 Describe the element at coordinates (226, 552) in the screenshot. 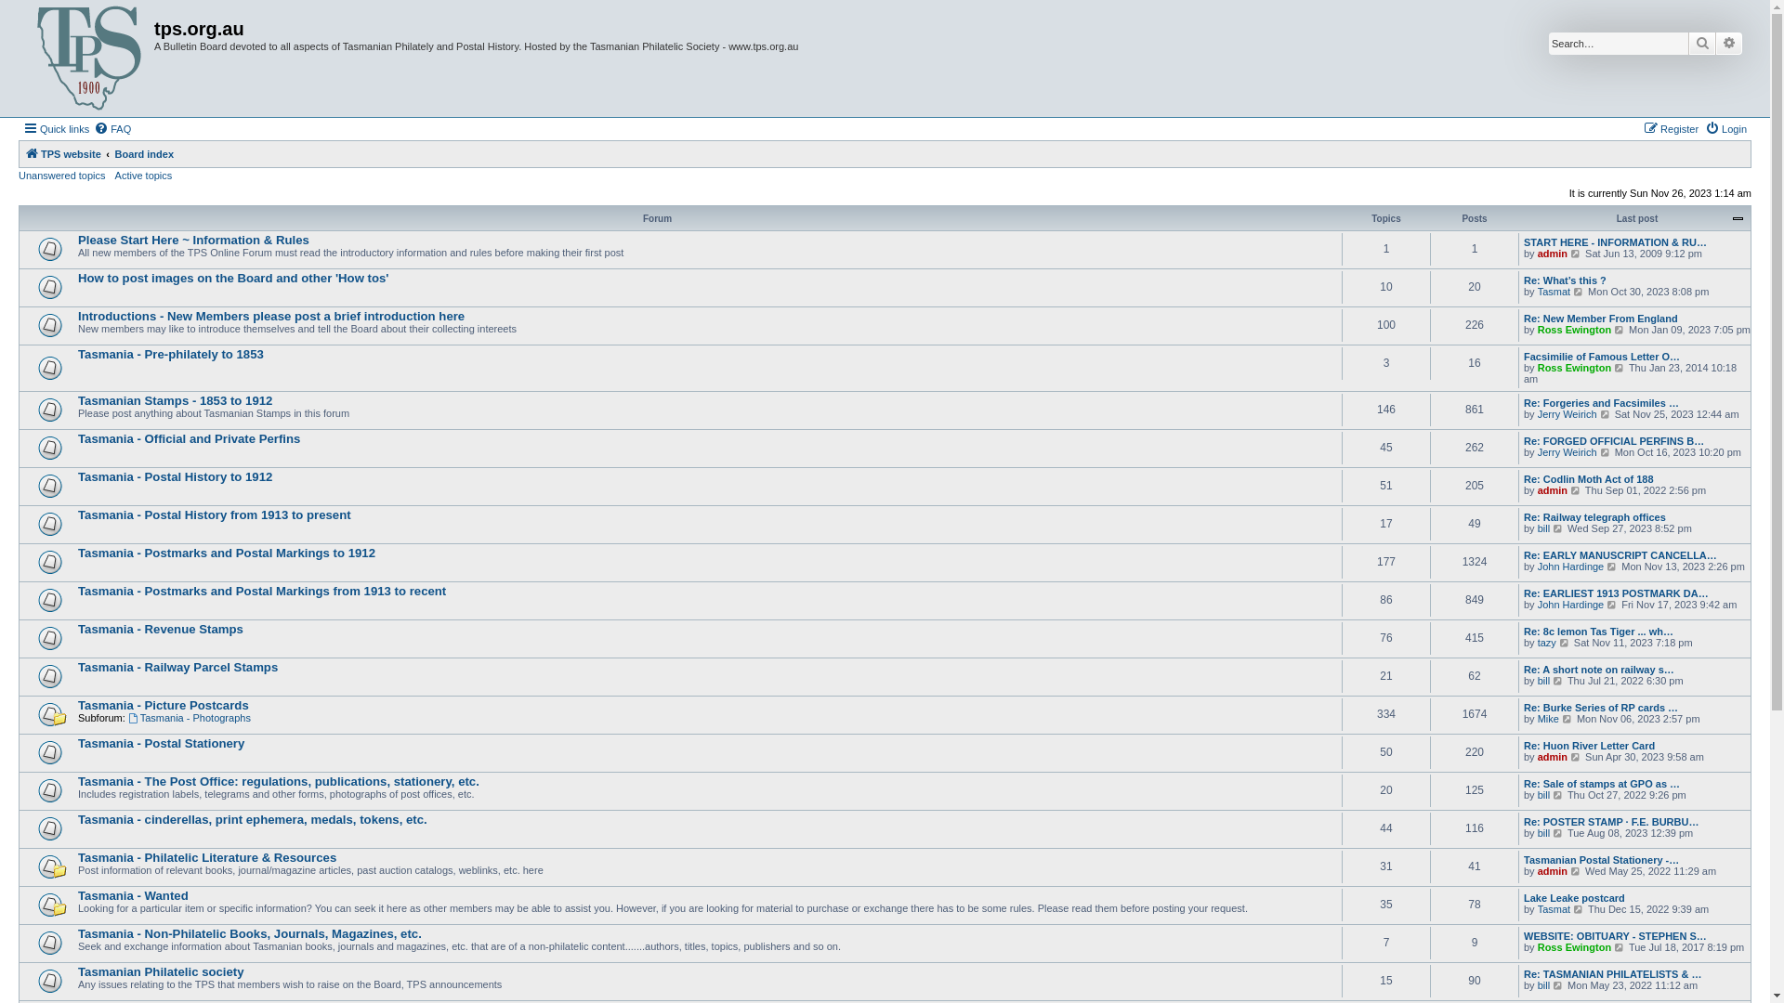

I see `'Tasmania - Postmarks and Postal Markings to 1912'` at that location.